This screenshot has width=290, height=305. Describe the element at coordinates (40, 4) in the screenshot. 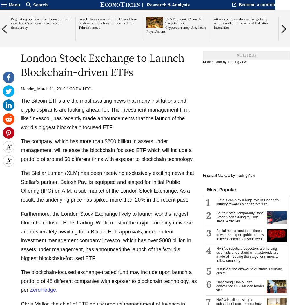

I see `'Search'` at that location.